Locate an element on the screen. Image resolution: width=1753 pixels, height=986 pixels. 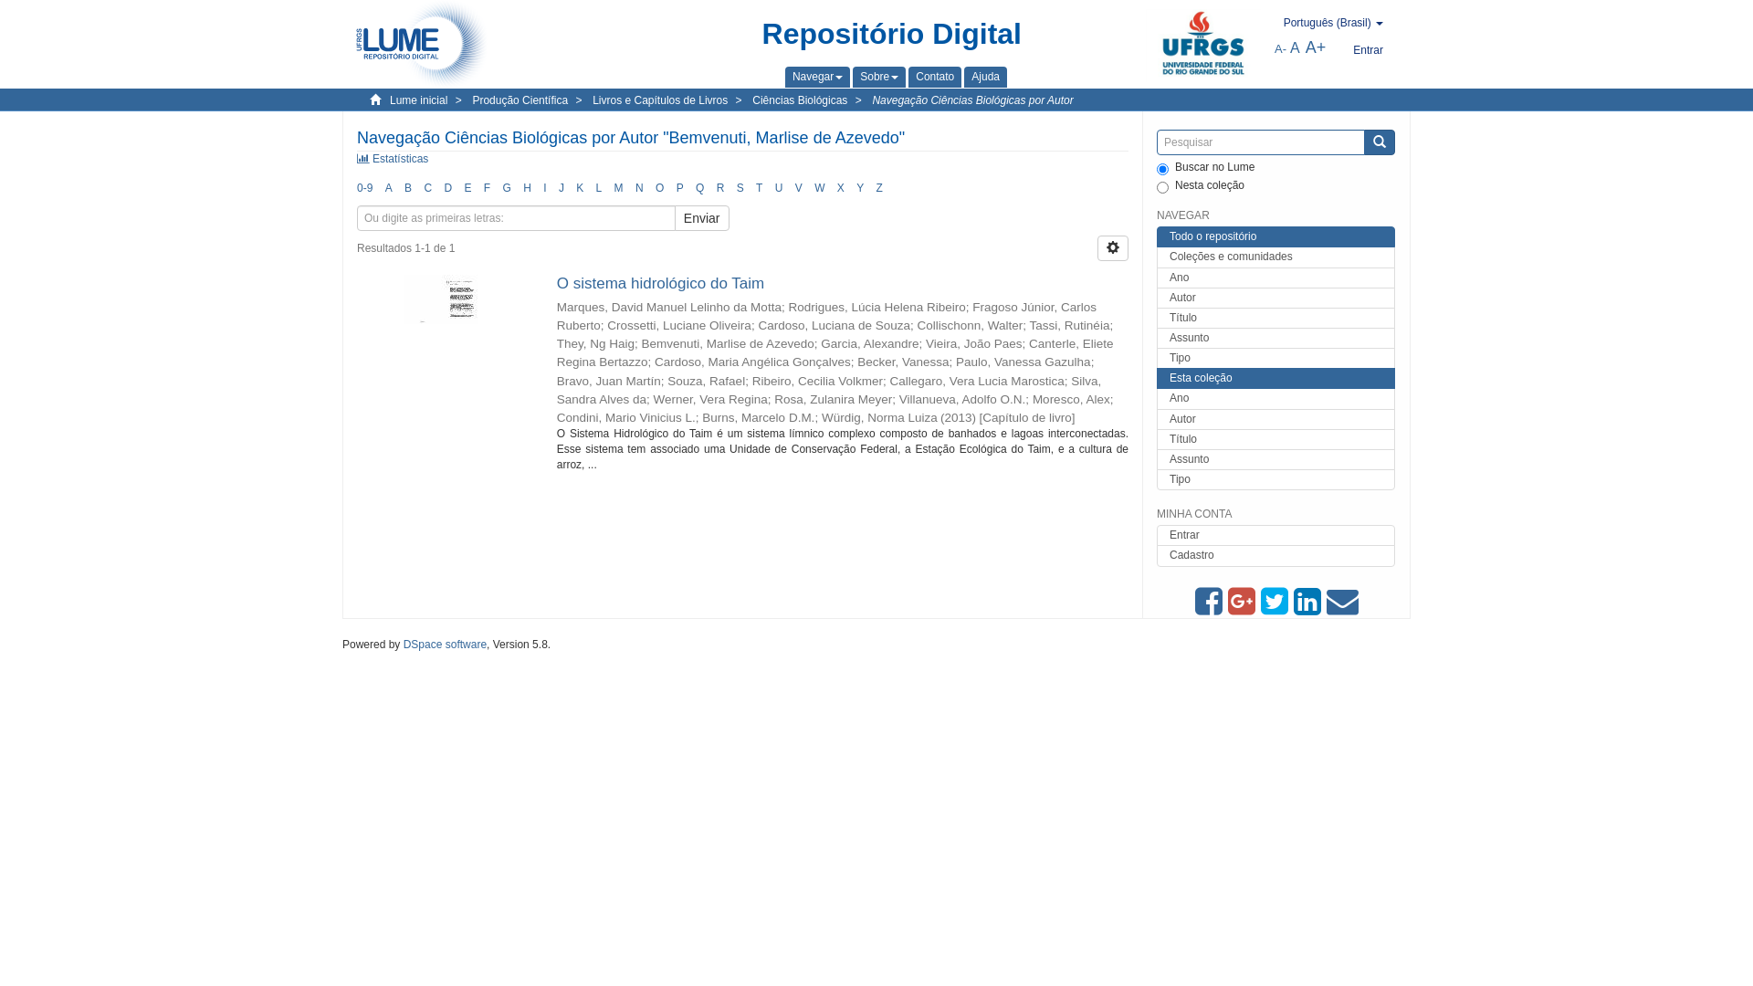
'L' is located at coordinates (599, 187).